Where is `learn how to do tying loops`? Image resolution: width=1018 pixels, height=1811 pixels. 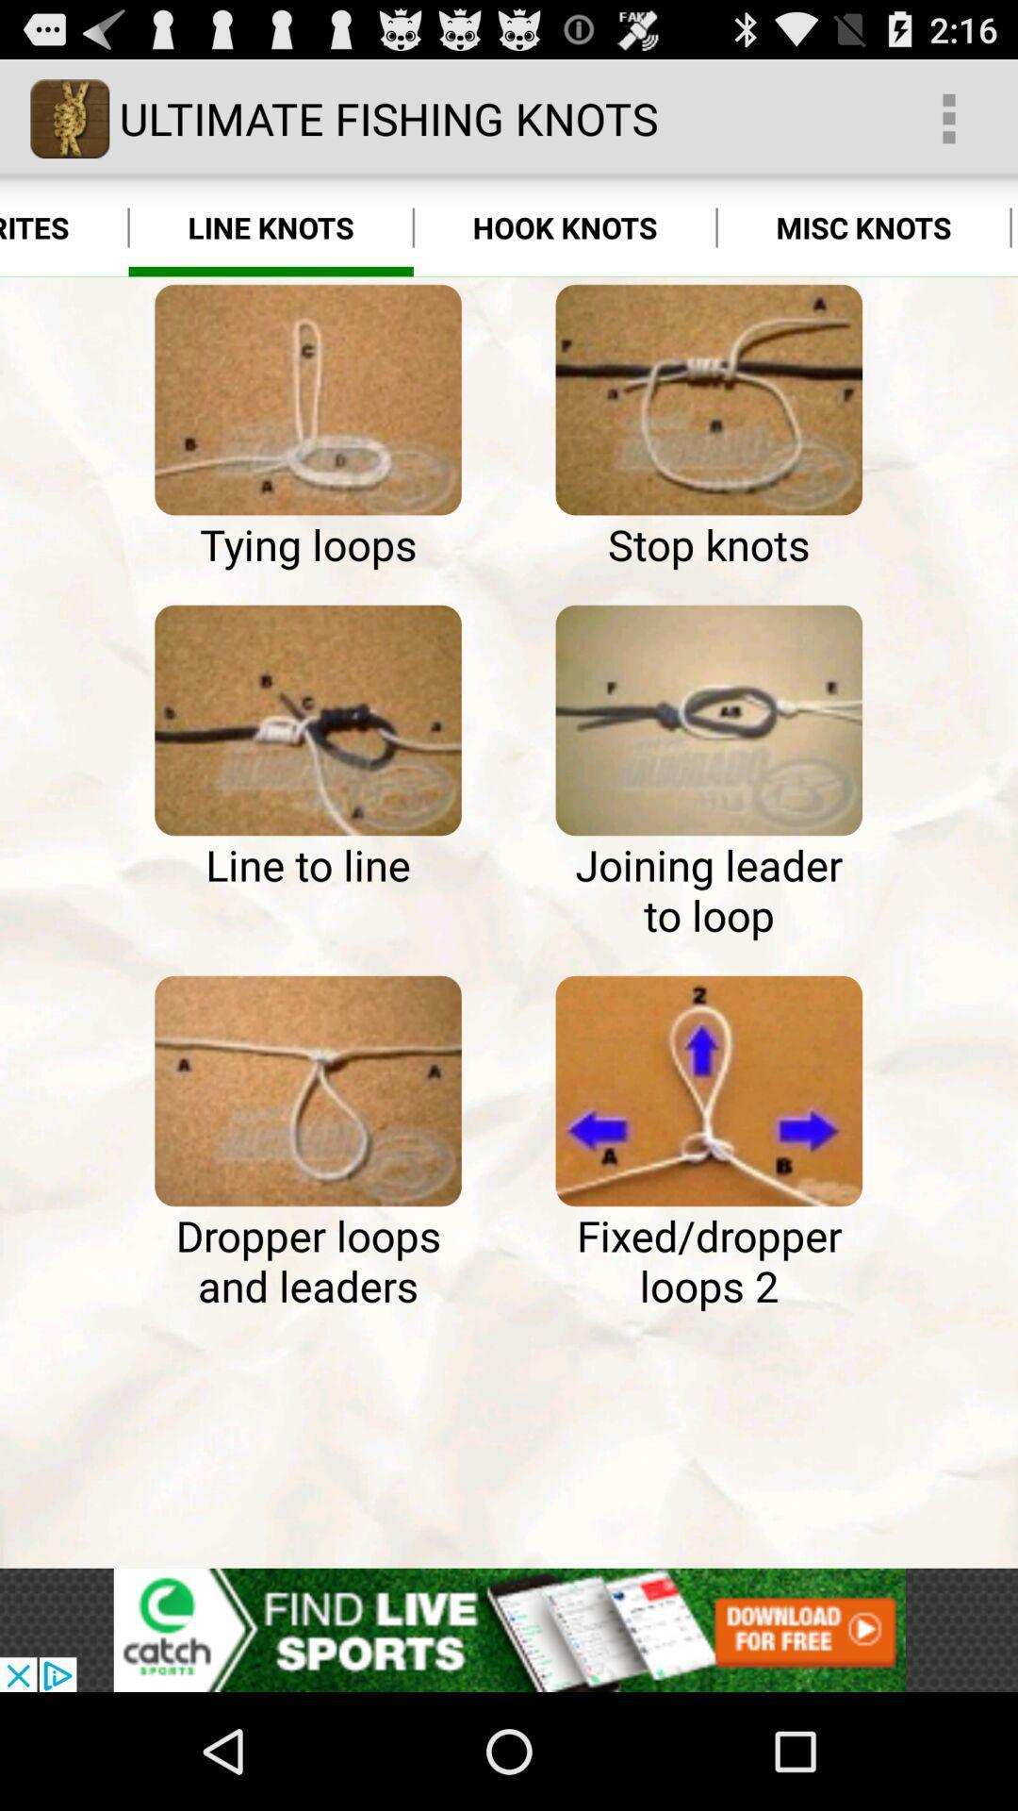 learn how to do tying loops is located at coordinates (307, 399).